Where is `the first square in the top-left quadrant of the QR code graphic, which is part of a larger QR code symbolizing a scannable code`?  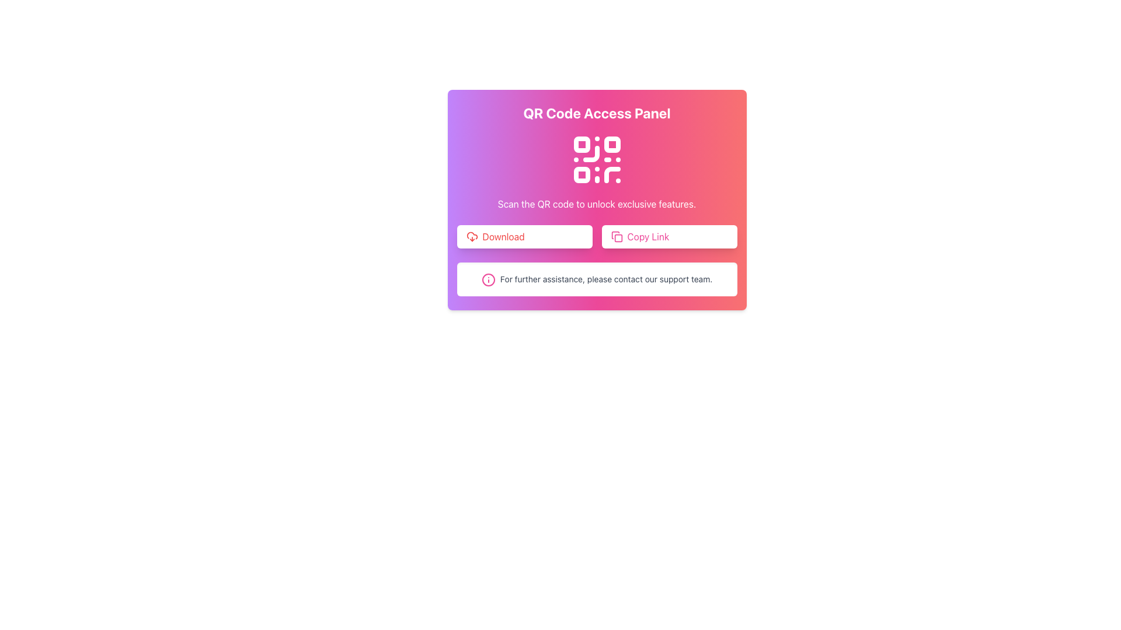 the first square in the top-left quadrant of the QR code graphic, which is part of a larger QR code symbolizing a scannable code is located at coordinates (582, 143).